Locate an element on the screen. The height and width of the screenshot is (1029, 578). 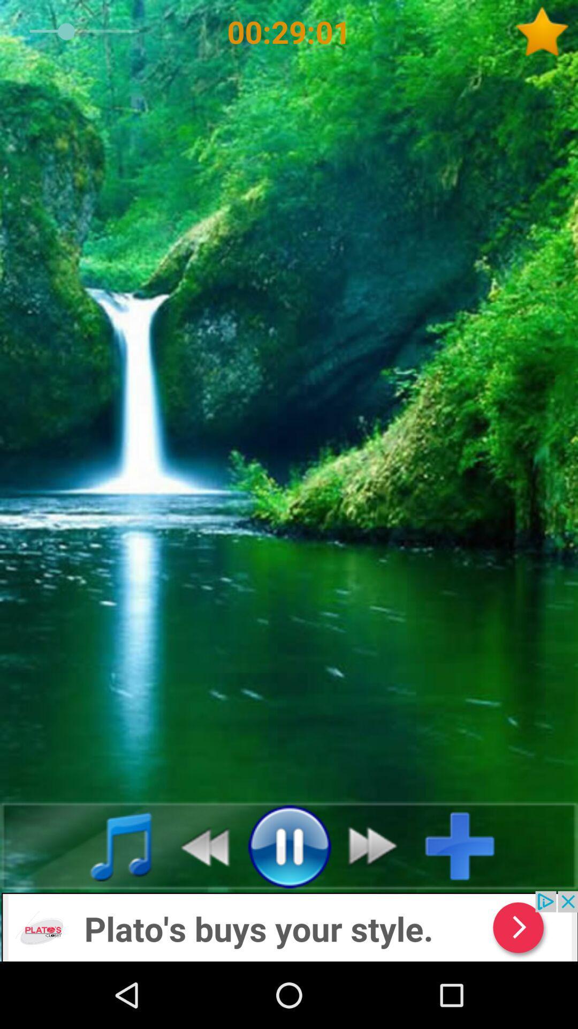
music is located at coordinates (109, 845).